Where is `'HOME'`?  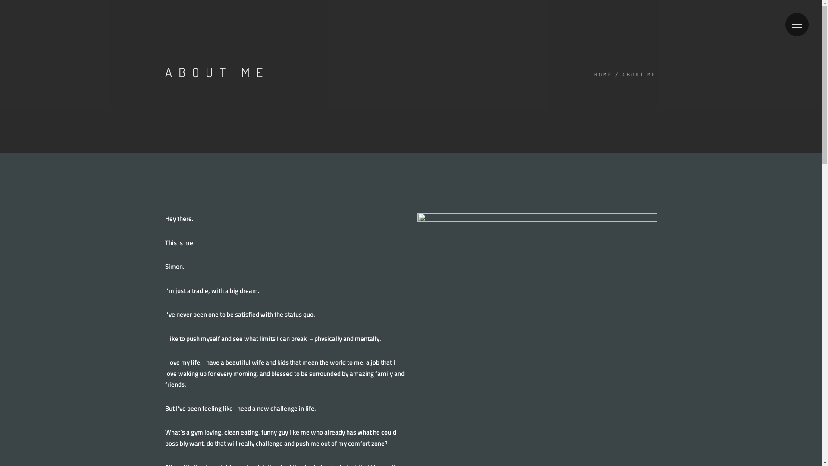 'HOME' is located at coordinates (603, 75).